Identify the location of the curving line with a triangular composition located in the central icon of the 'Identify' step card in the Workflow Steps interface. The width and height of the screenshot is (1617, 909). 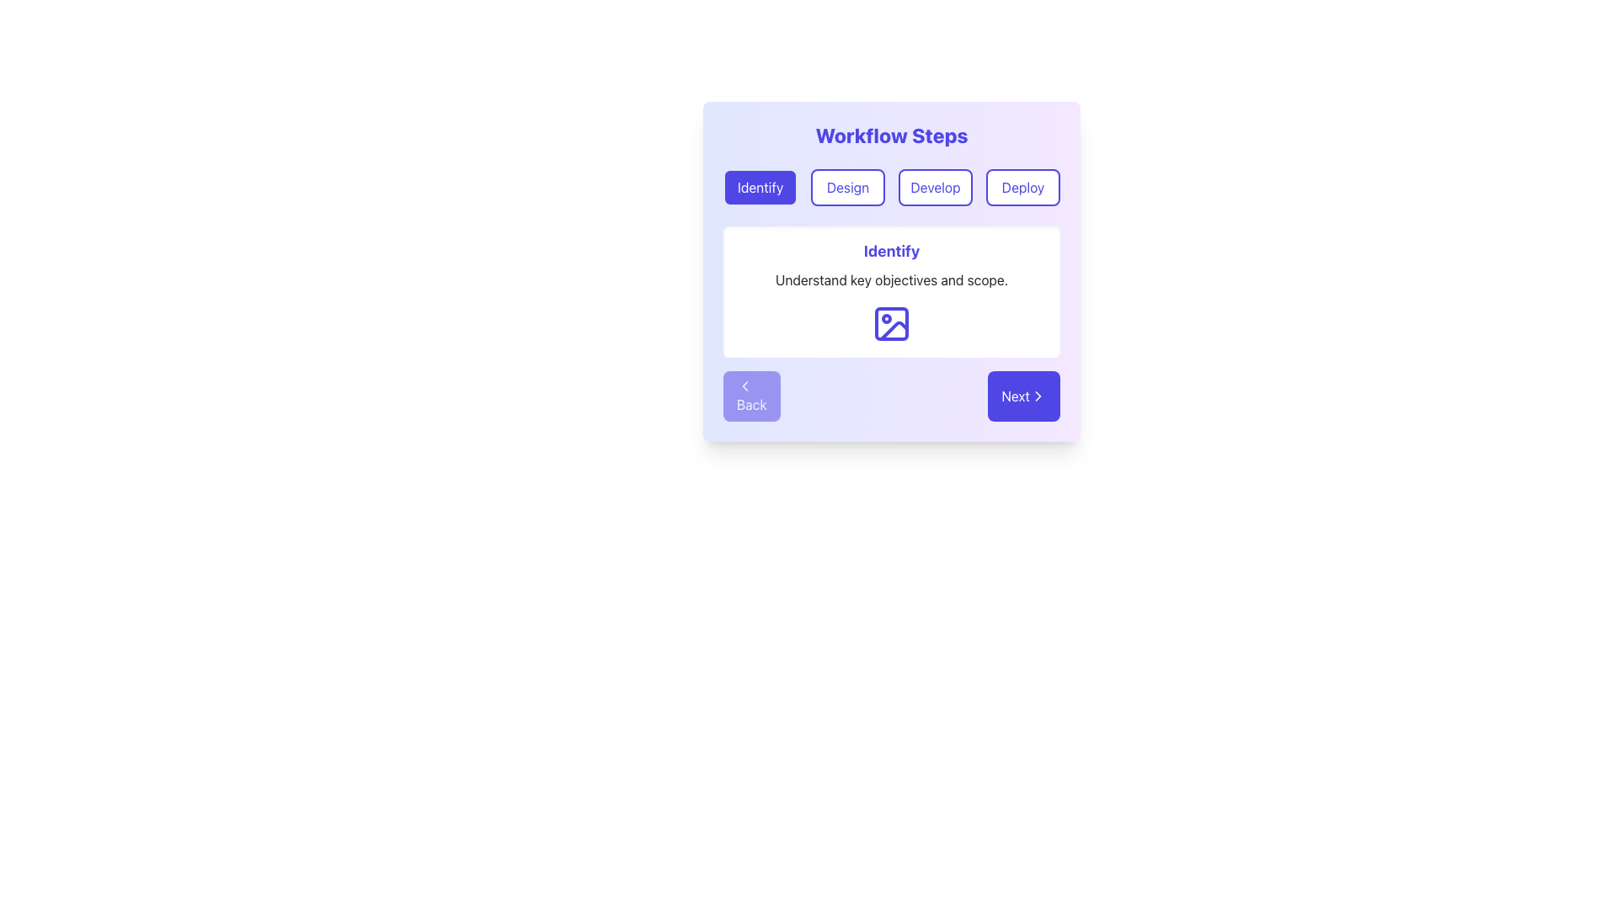
(893, 331).